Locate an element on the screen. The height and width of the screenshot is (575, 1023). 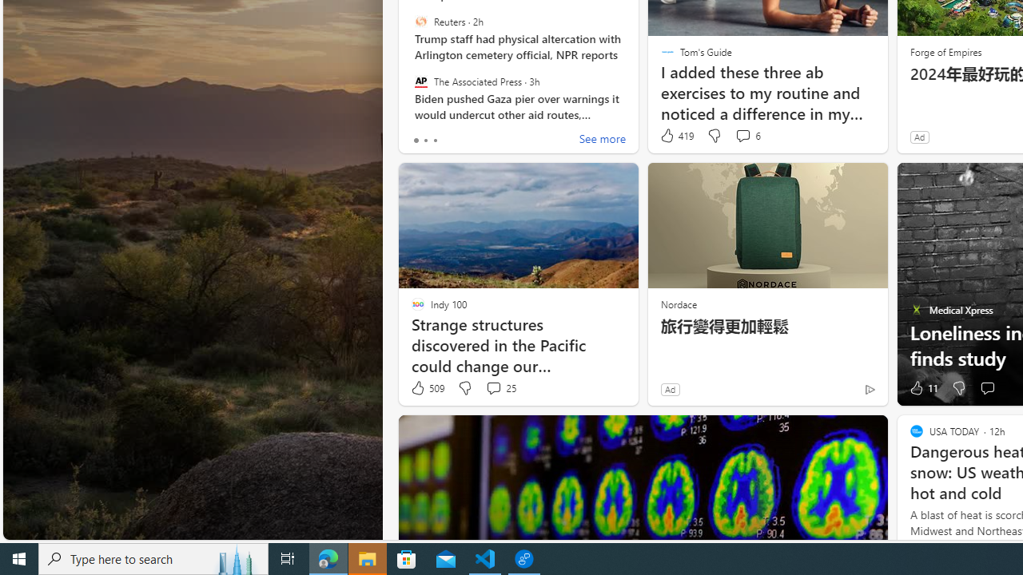
'419 Like' is located at coordinates (676, 135).